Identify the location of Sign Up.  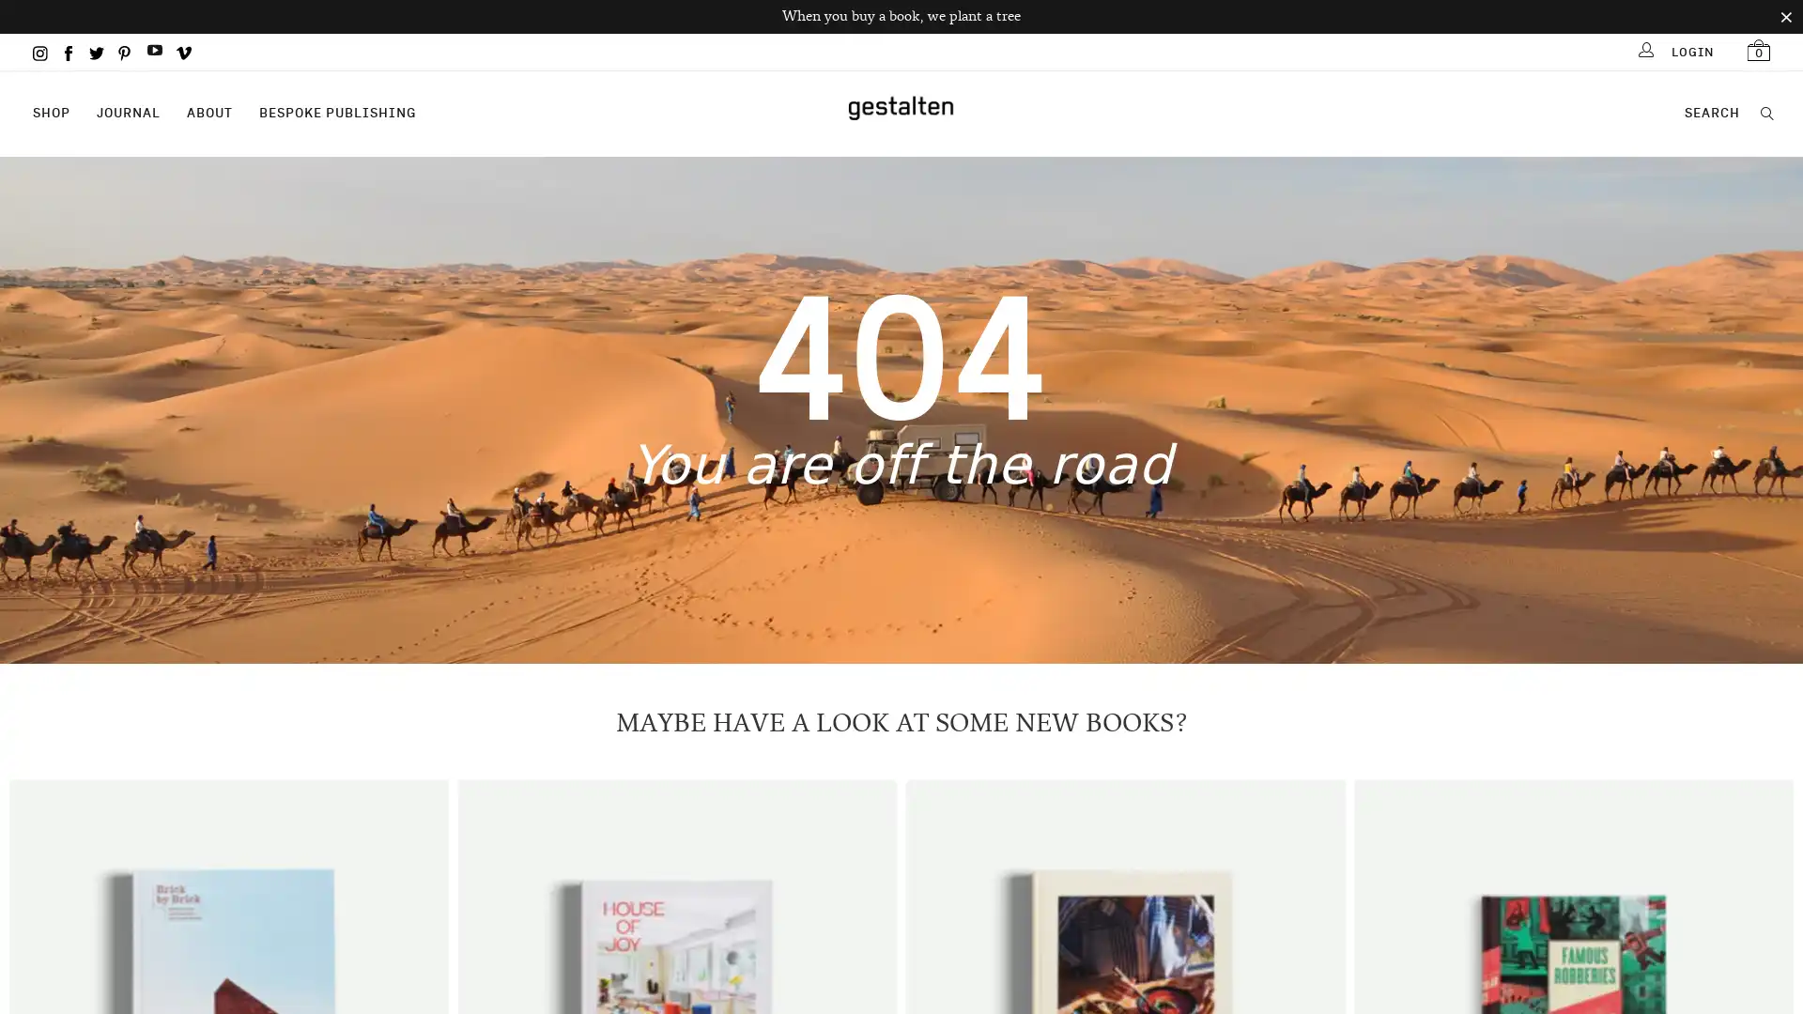
(1022, 549).